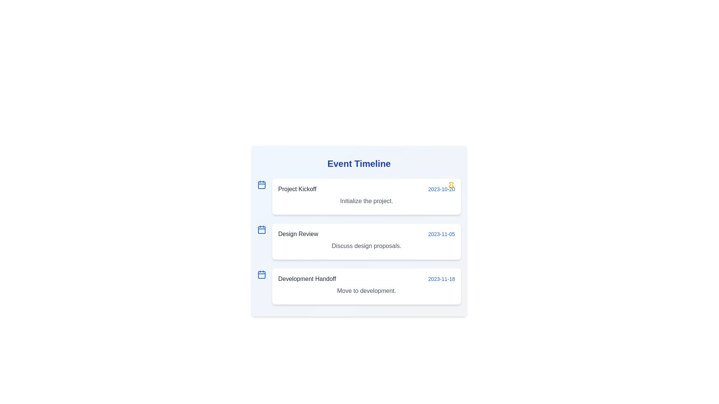 Image resolution: width=719 pixels, height=404 pixels. Describe the element at coordinates (262, 274) in the screenshot. I see `the decorative icon for the event titled 'Development Handoff'` at that location.